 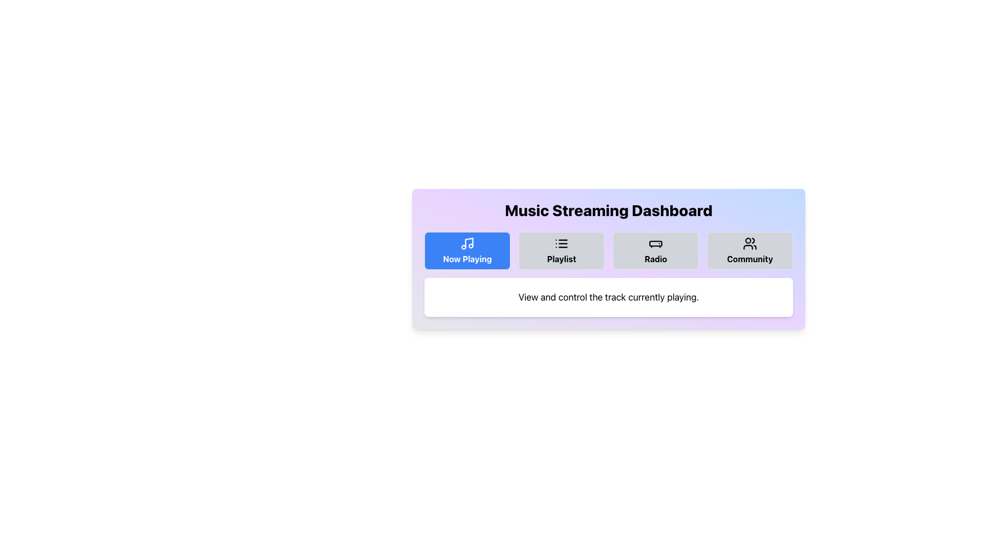 What do you see at coordinates (609, 210) in the screenshot?
I see `the text header located at the top-center of the content panel, indicating the title or purpose of the current dashboard section` at bounding box center [609, 210].